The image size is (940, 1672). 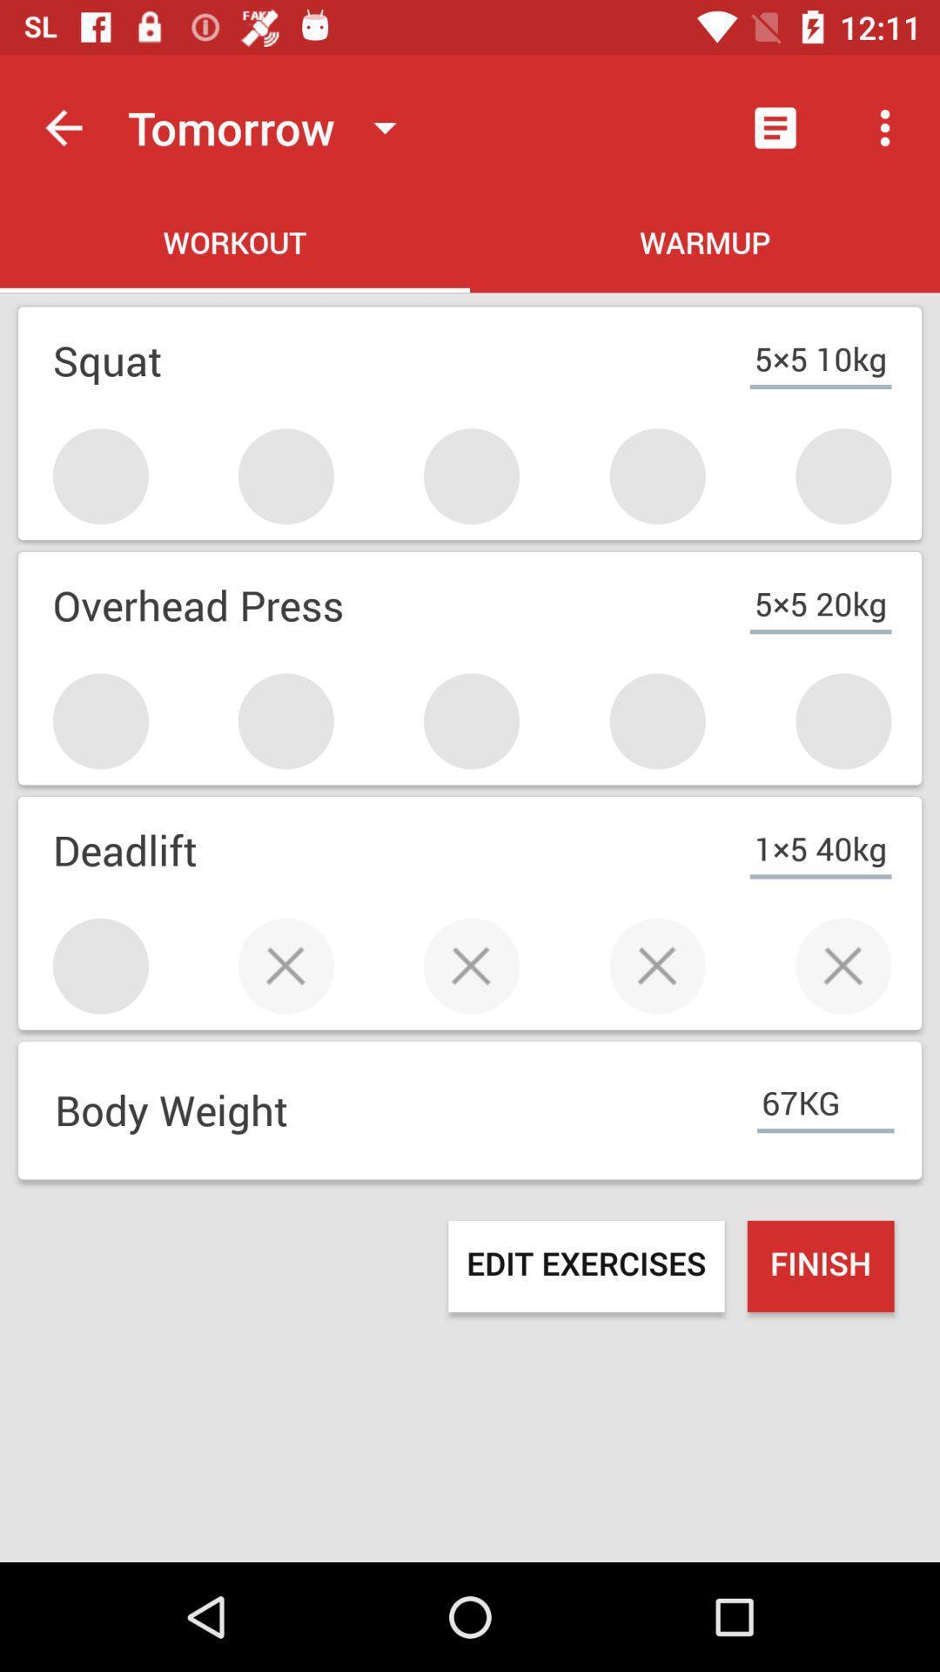 I want to click on workout icon, so click(x=235, y=246).